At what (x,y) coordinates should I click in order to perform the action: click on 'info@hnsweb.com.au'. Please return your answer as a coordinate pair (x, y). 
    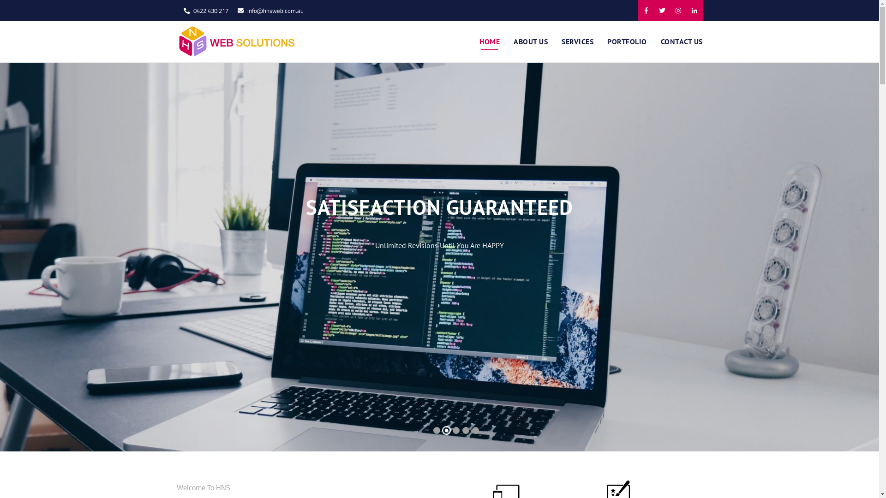
    Looking at the image, I should click on (247, 11).